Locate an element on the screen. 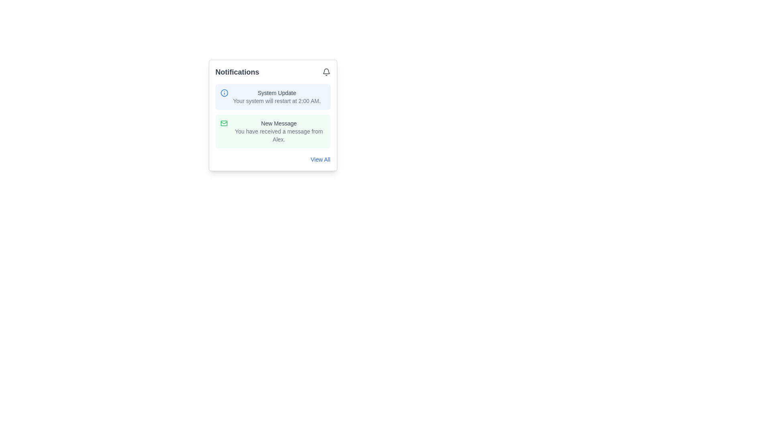 Image resolution: width=771 pixels, height=433 pixels. the gray bell-shaped icon located is located at coordinates (326, 72).